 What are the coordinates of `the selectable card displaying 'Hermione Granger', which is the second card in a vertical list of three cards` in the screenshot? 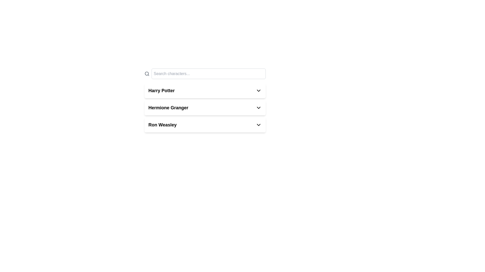 It's located at (205, 108).